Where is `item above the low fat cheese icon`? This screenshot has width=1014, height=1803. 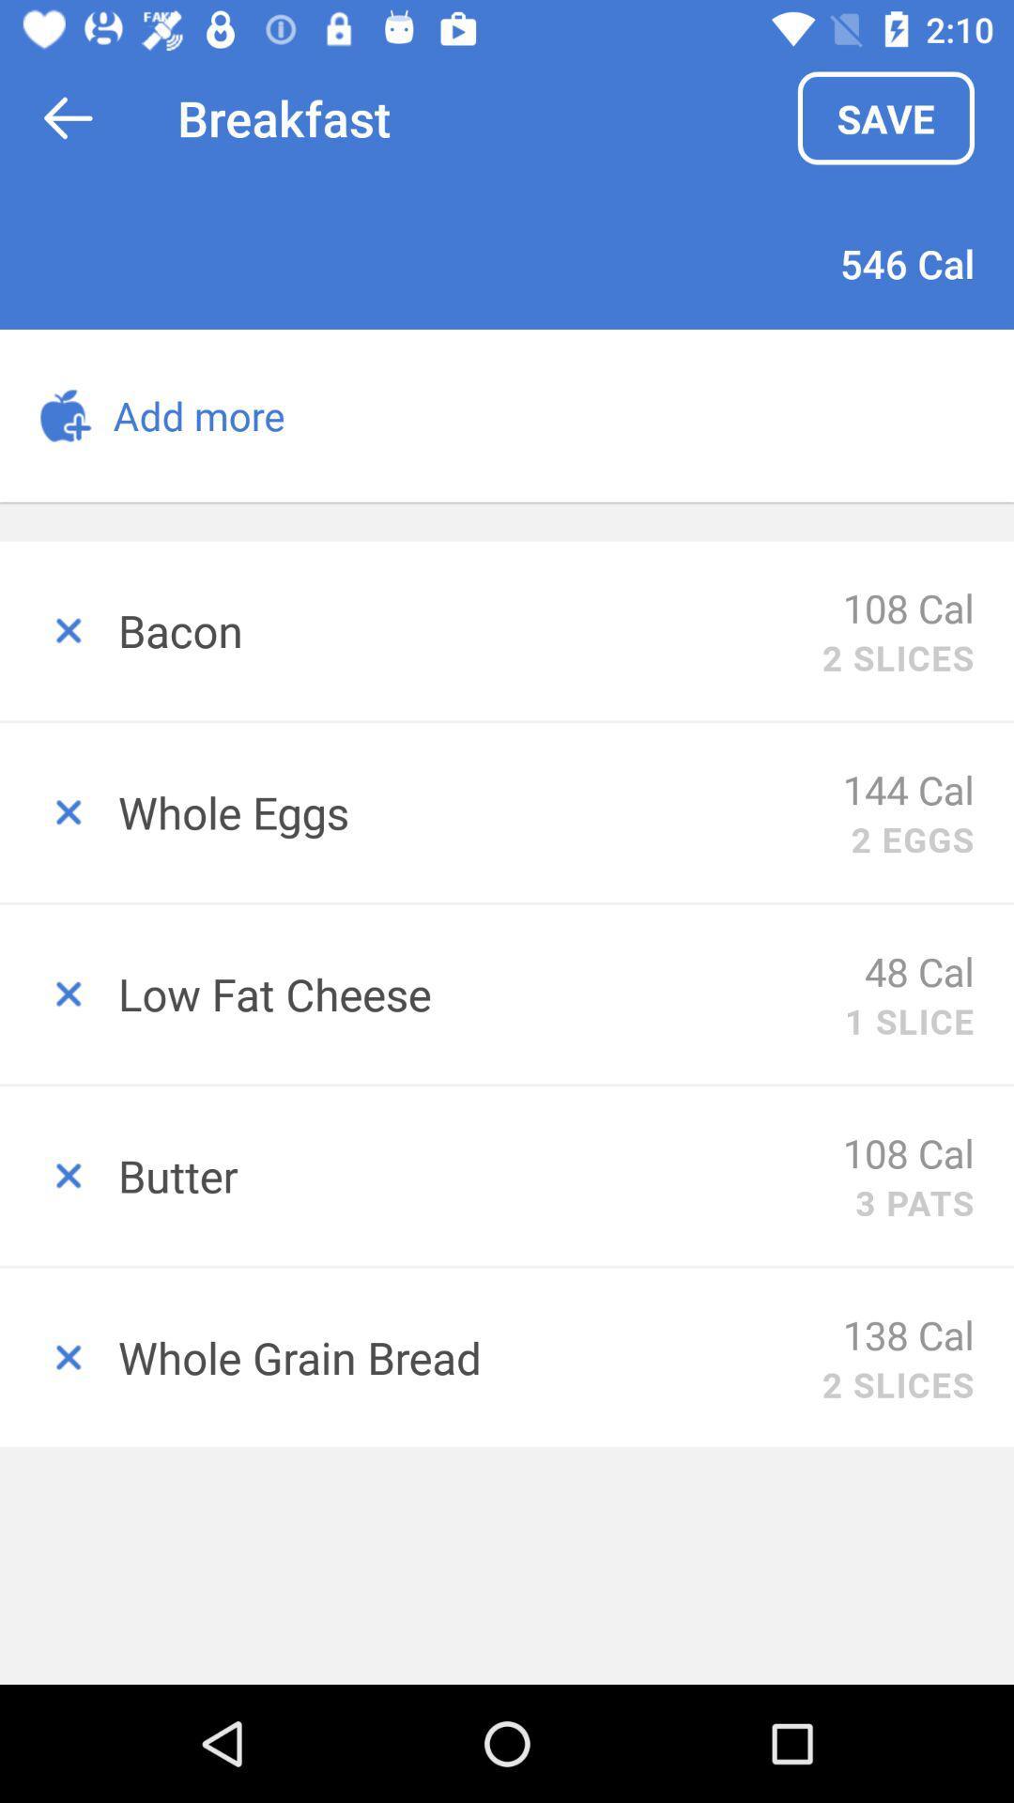 item above the low fat cheese icon is located at coordinates (912, 838).